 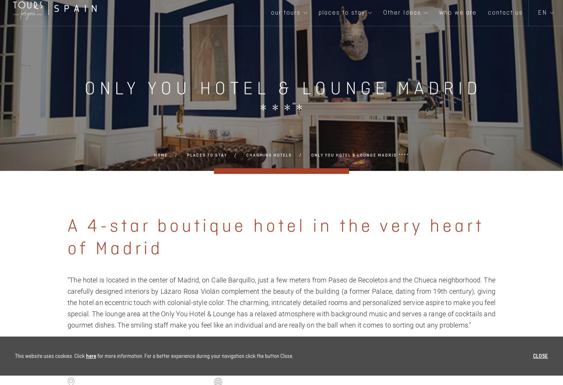 What do you see at coordinates (90, 356) in the screenshot?
I see `'here'` at bounding box center [90, 356].